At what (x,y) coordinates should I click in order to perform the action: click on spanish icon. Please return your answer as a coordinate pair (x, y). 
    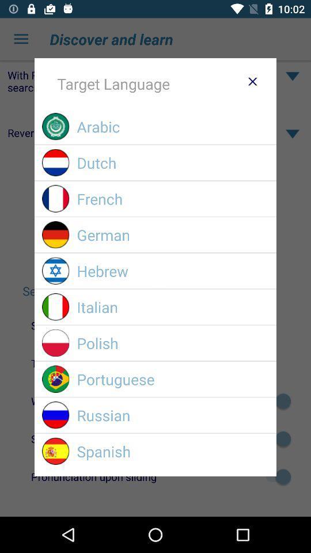
    Looking at the image, I should click on (172, 451).